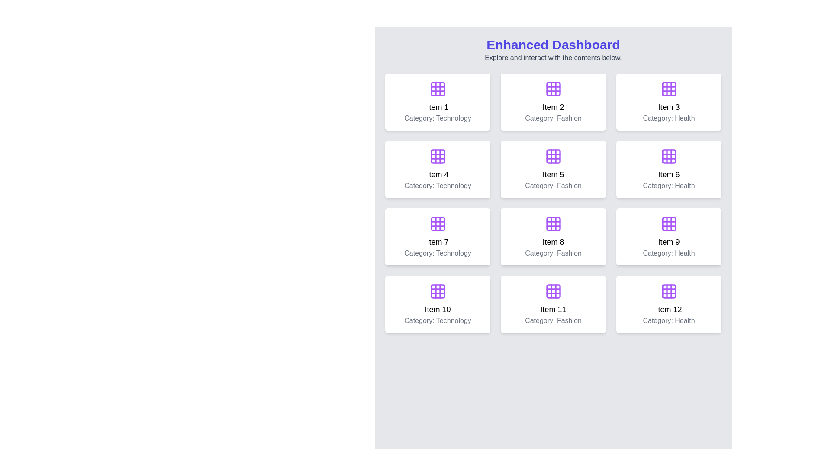 This screenshot has height=467, width=831. I want to click on the grid-like icon in the white card labeled 'Item 7' with subtext 'Category: Technology', so click(438, 223).